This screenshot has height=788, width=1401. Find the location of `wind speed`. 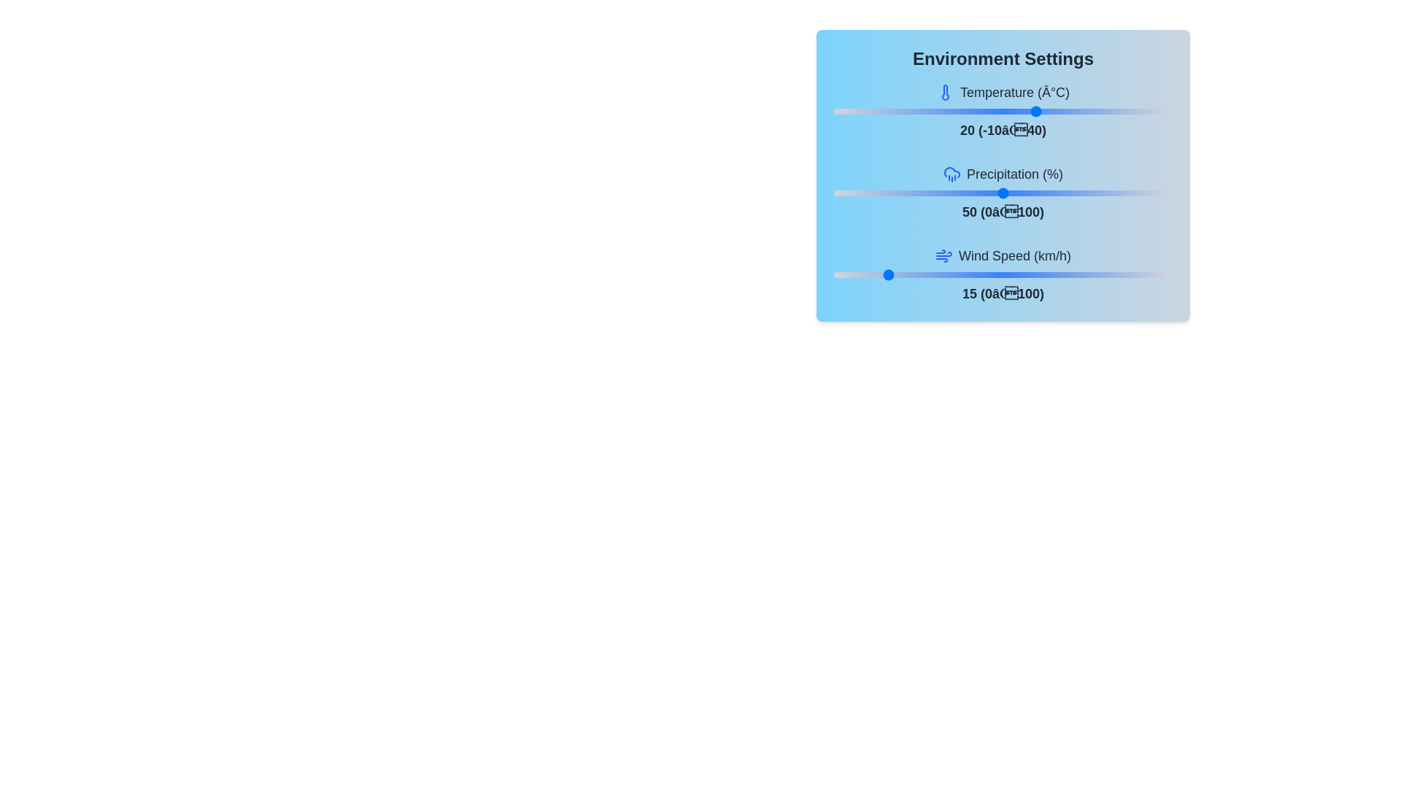

wind speed is located at coordinates (1144, 275).